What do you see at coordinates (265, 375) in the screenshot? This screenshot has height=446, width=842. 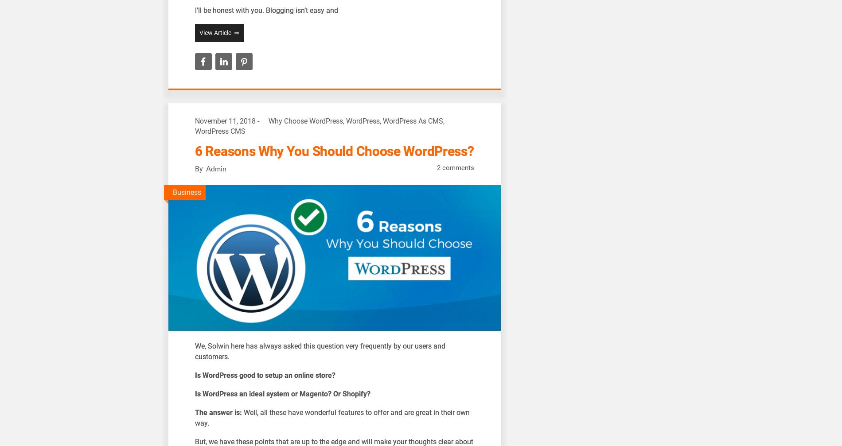 I see `'Is WordPress good to setup an online store?'` at bounding box center [265, 375].